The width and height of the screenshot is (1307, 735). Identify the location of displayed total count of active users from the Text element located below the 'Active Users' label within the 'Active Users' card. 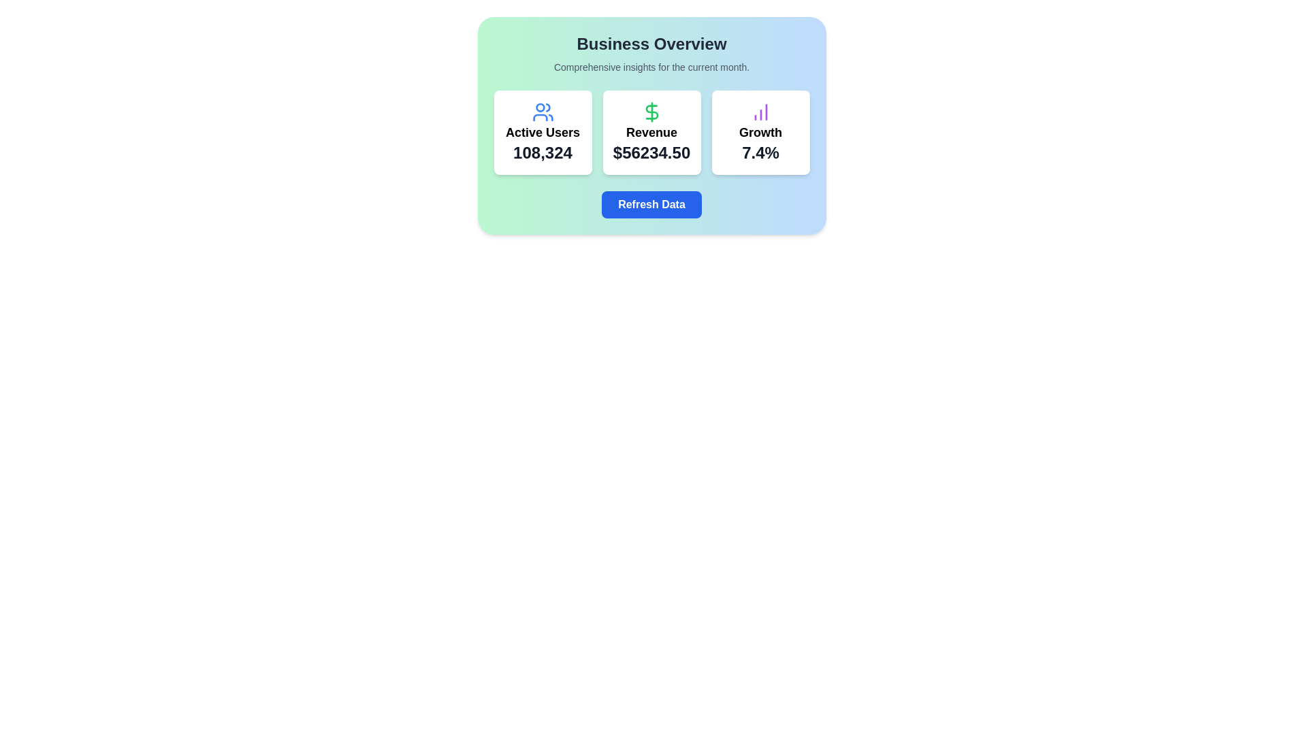
(542, 152).